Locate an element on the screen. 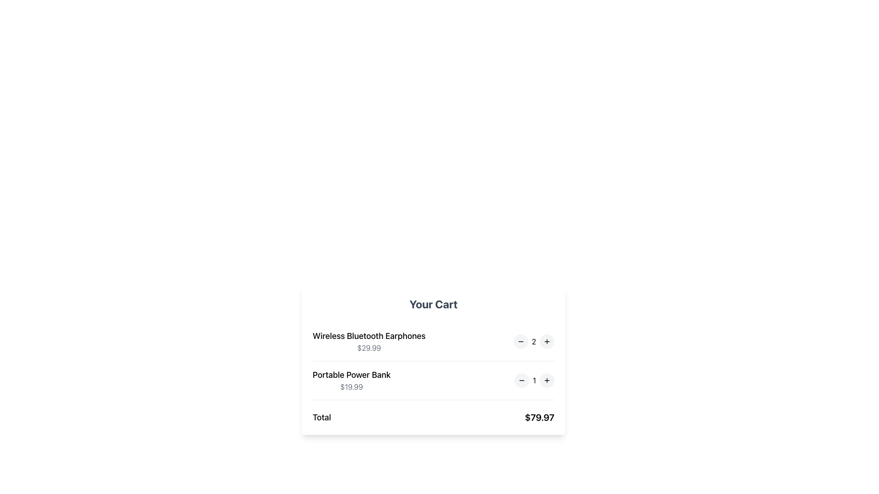  the decrease quantity button located to the right of the 'Portable Power Bank' product listing in the 'Your Cart' section to potentially display a tooltip is located at coordinates (521, 381).